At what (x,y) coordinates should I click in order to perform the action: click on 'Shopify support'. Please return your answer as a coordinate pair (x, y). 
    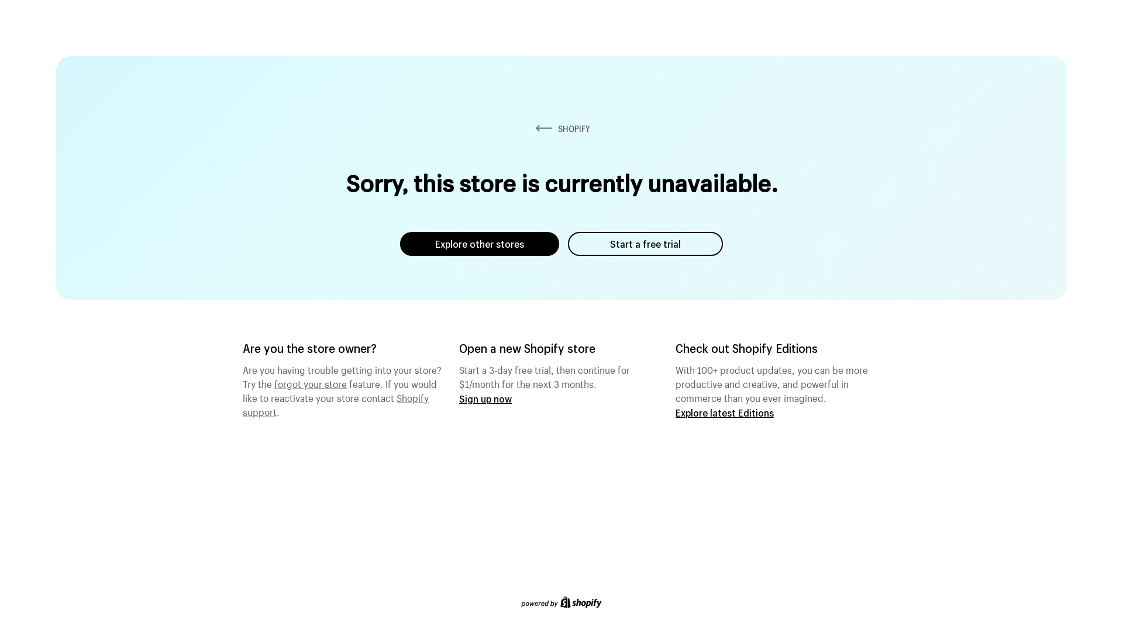
    Looking at the image, I should click on (335, 403).